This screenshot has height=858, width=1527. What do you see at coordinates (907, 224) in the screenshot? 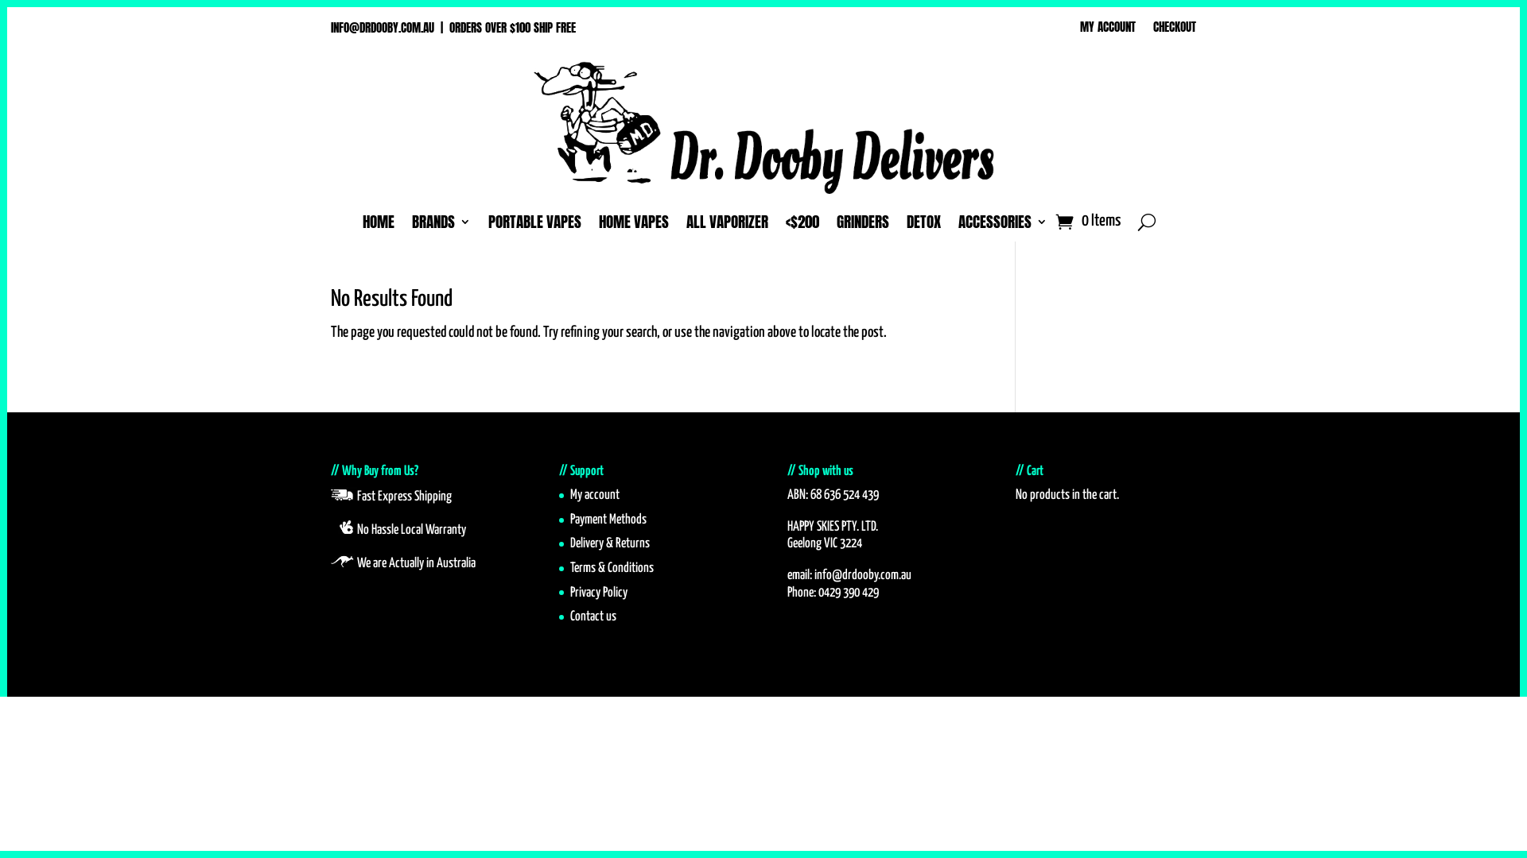
I see `'DETOX'` at bounding box center [907, 224].